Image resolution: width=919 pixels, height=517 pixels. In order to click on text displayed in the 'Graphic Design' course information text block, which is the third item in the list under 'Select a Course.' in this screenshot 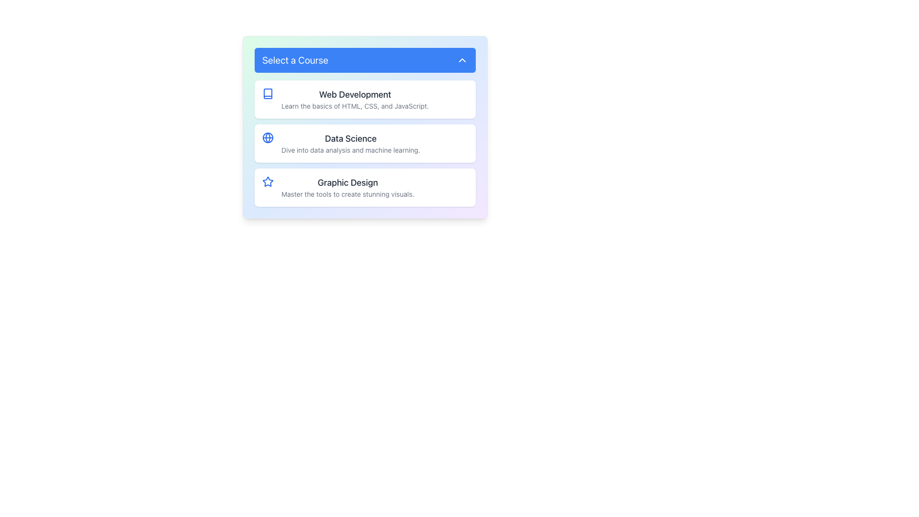, I will do `click(347, 188)`.